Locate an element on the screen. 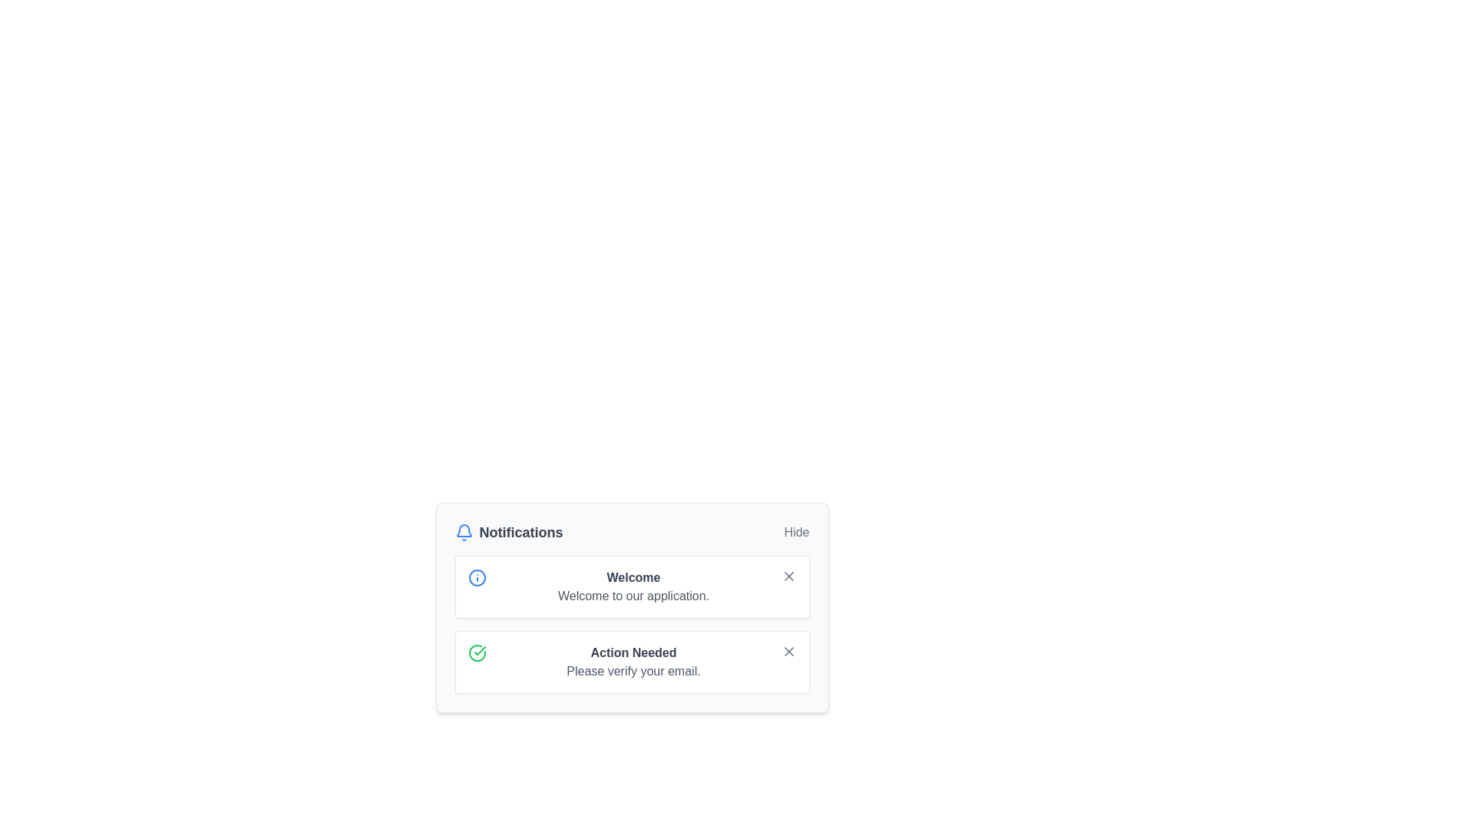 The height and width of the screenshot is (829, 1474). the bell icon located in the notification header area is located at coordinates (463, 532).